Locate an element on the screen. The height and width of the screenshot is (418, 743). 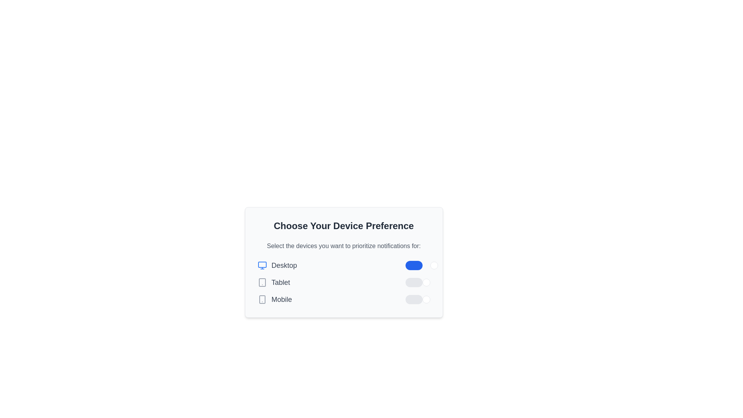
the toggle switch for 'Mobile' notifications, located below 'Desktop' and 'Tablet' in the settings is located at coordinates (417, 299).